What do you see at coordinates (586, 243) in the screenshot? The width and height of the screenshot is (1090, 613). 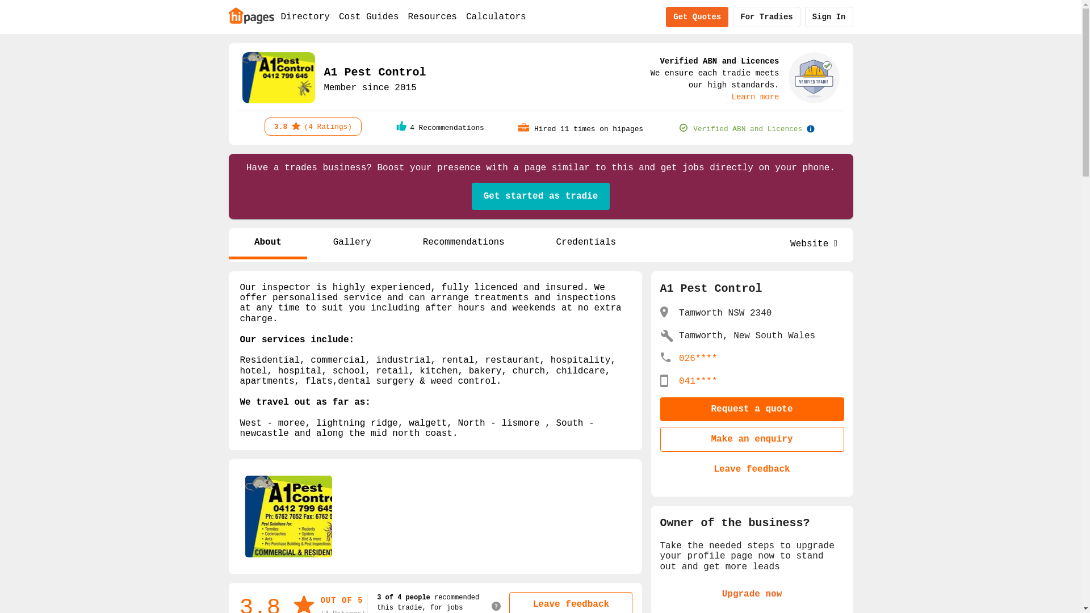 I see `'Credentials'` at bounding box center [586, 243].